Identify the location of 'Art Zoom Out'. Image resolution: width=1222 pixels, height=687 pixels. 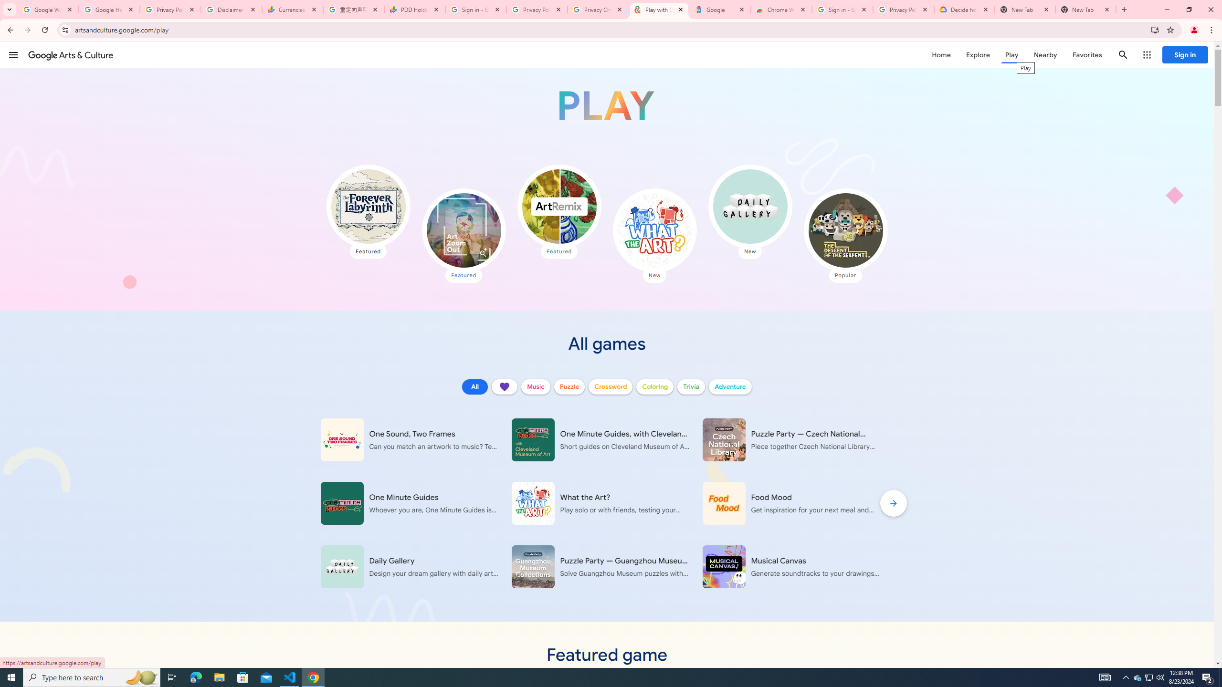
(463, 230).